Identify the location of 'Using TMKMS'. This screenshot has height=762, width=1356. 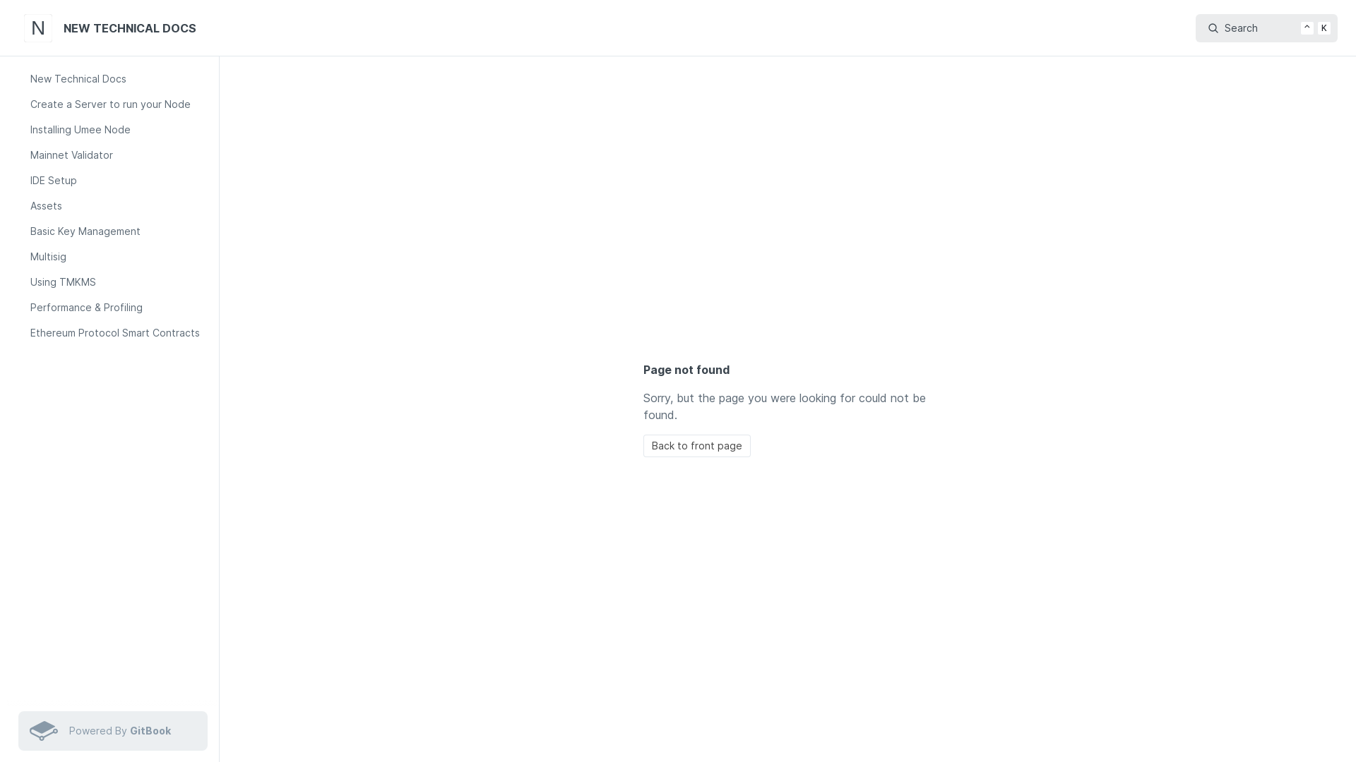
(119, 282).